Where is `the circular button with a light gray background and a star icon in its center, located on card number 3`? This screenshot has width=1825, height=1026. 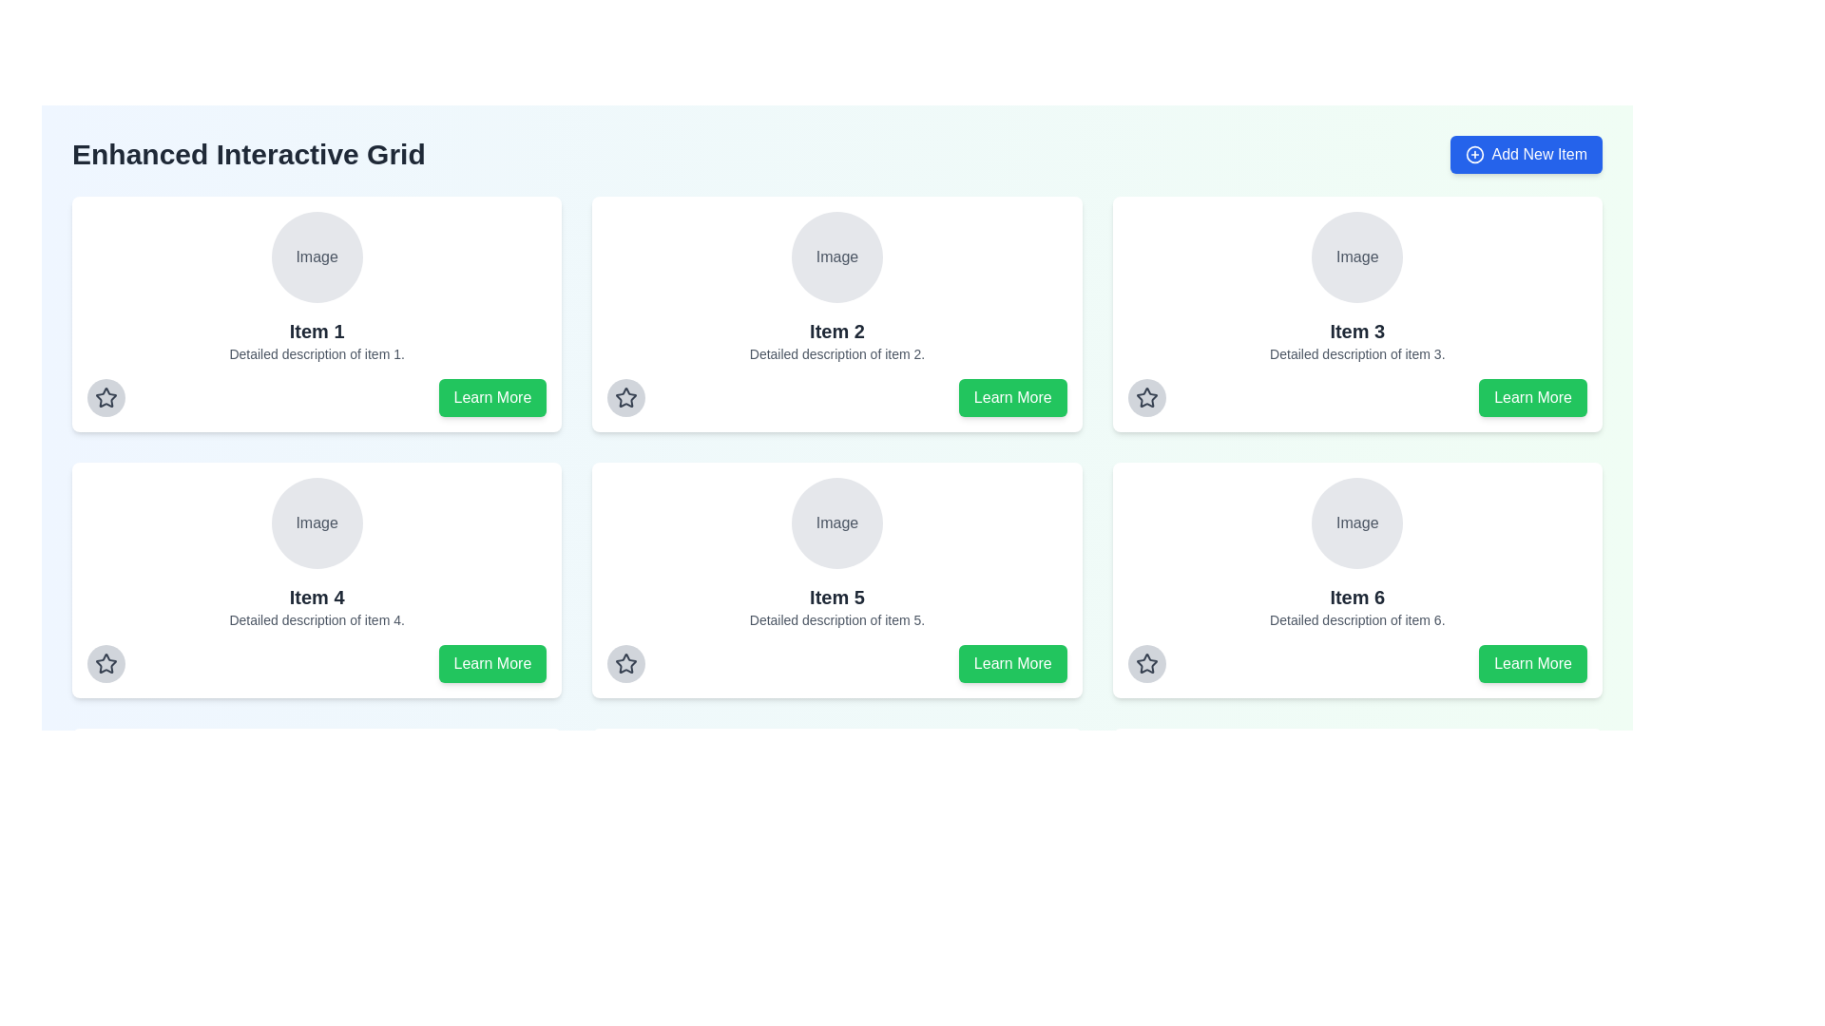 the circular button with a light gray background and a star icon in its center, located on card number 3 is located at coordinates (1145, 397).